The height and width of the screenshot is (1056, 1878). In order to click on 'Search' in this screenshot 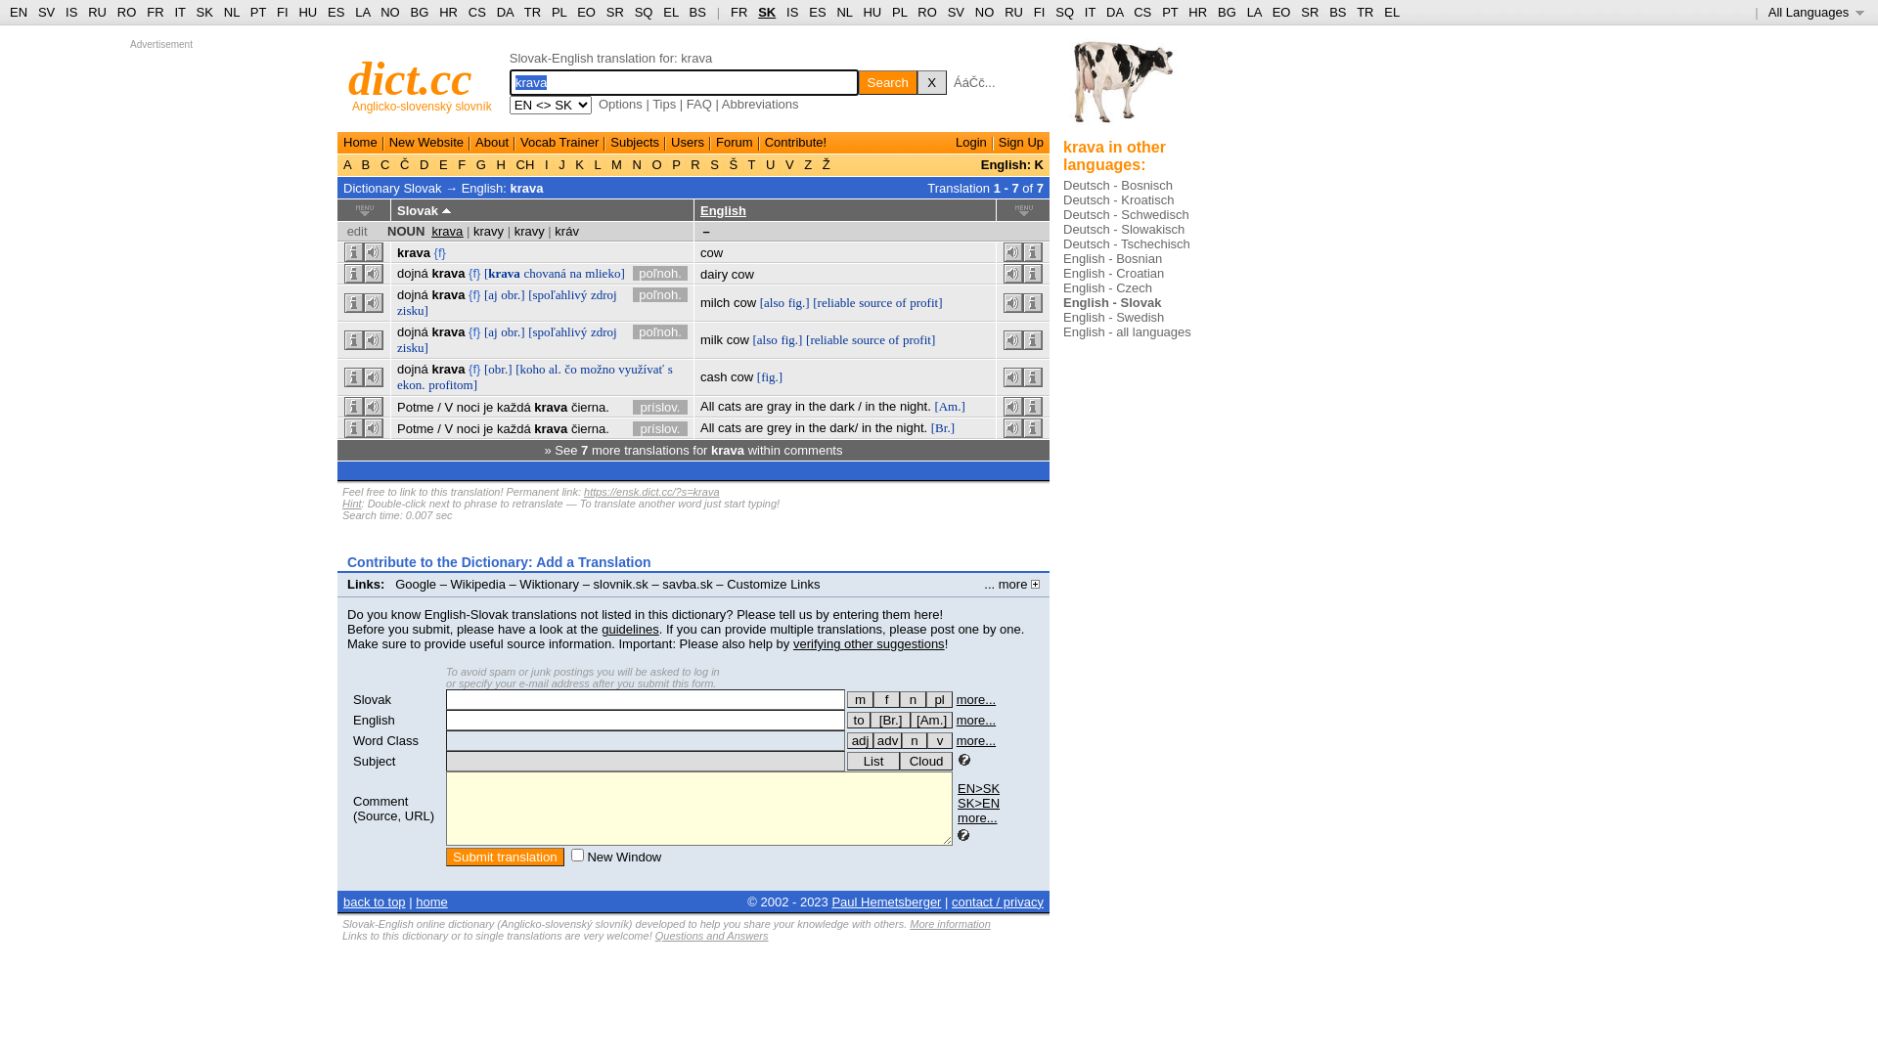, I will do `click(859, 81)`.